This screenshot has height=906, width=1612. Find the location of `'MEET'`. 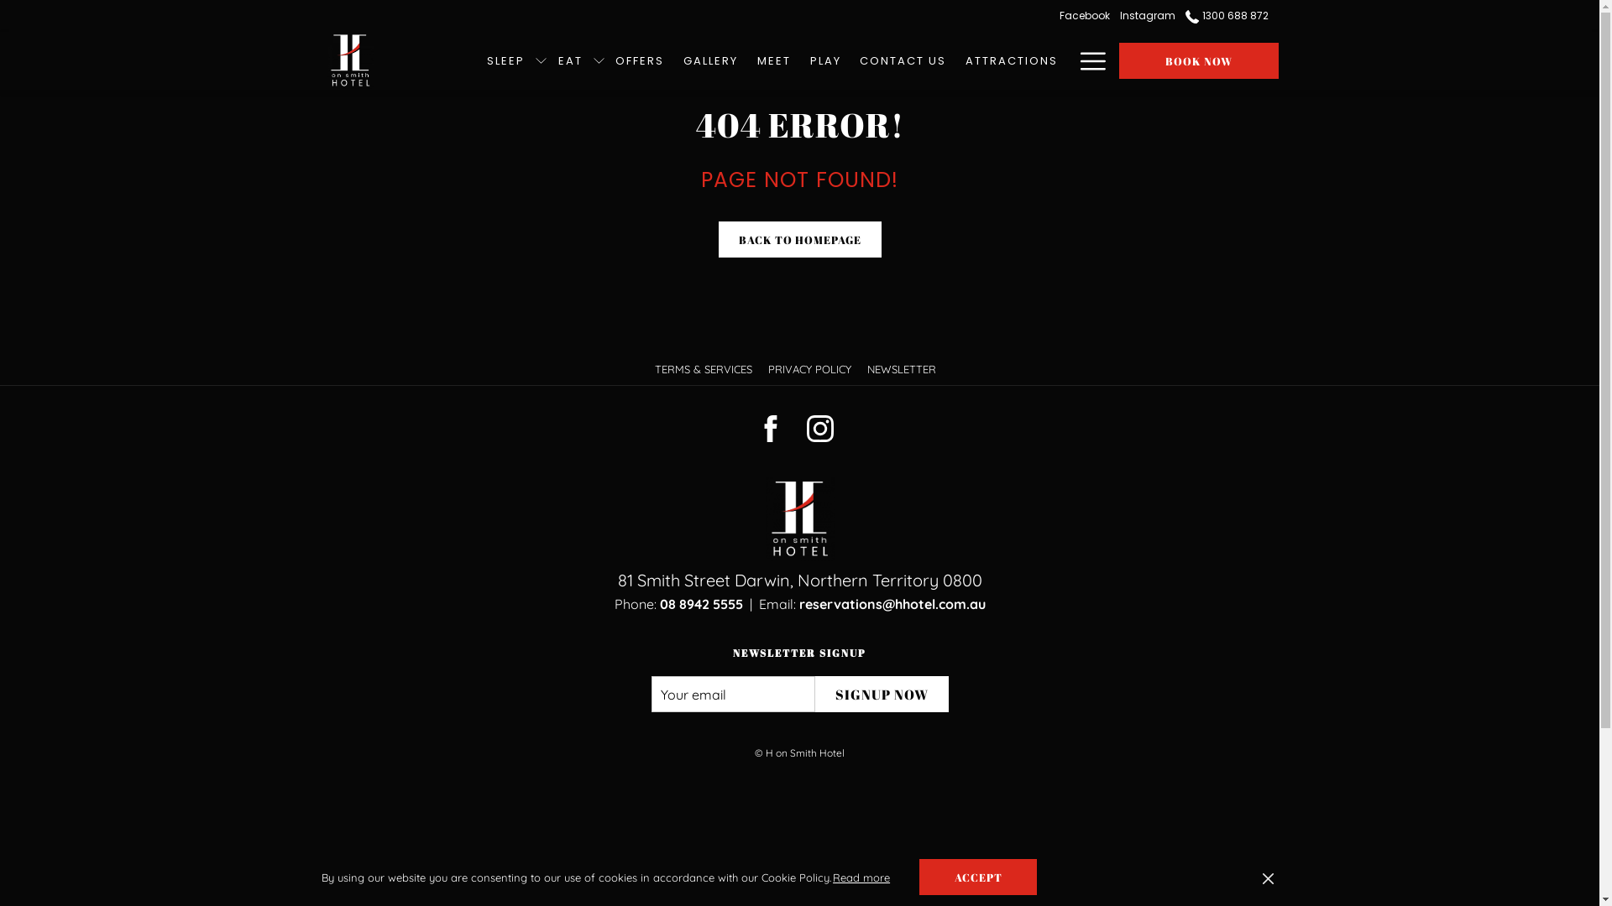

'MEET' is located at coordinates (779, 60).